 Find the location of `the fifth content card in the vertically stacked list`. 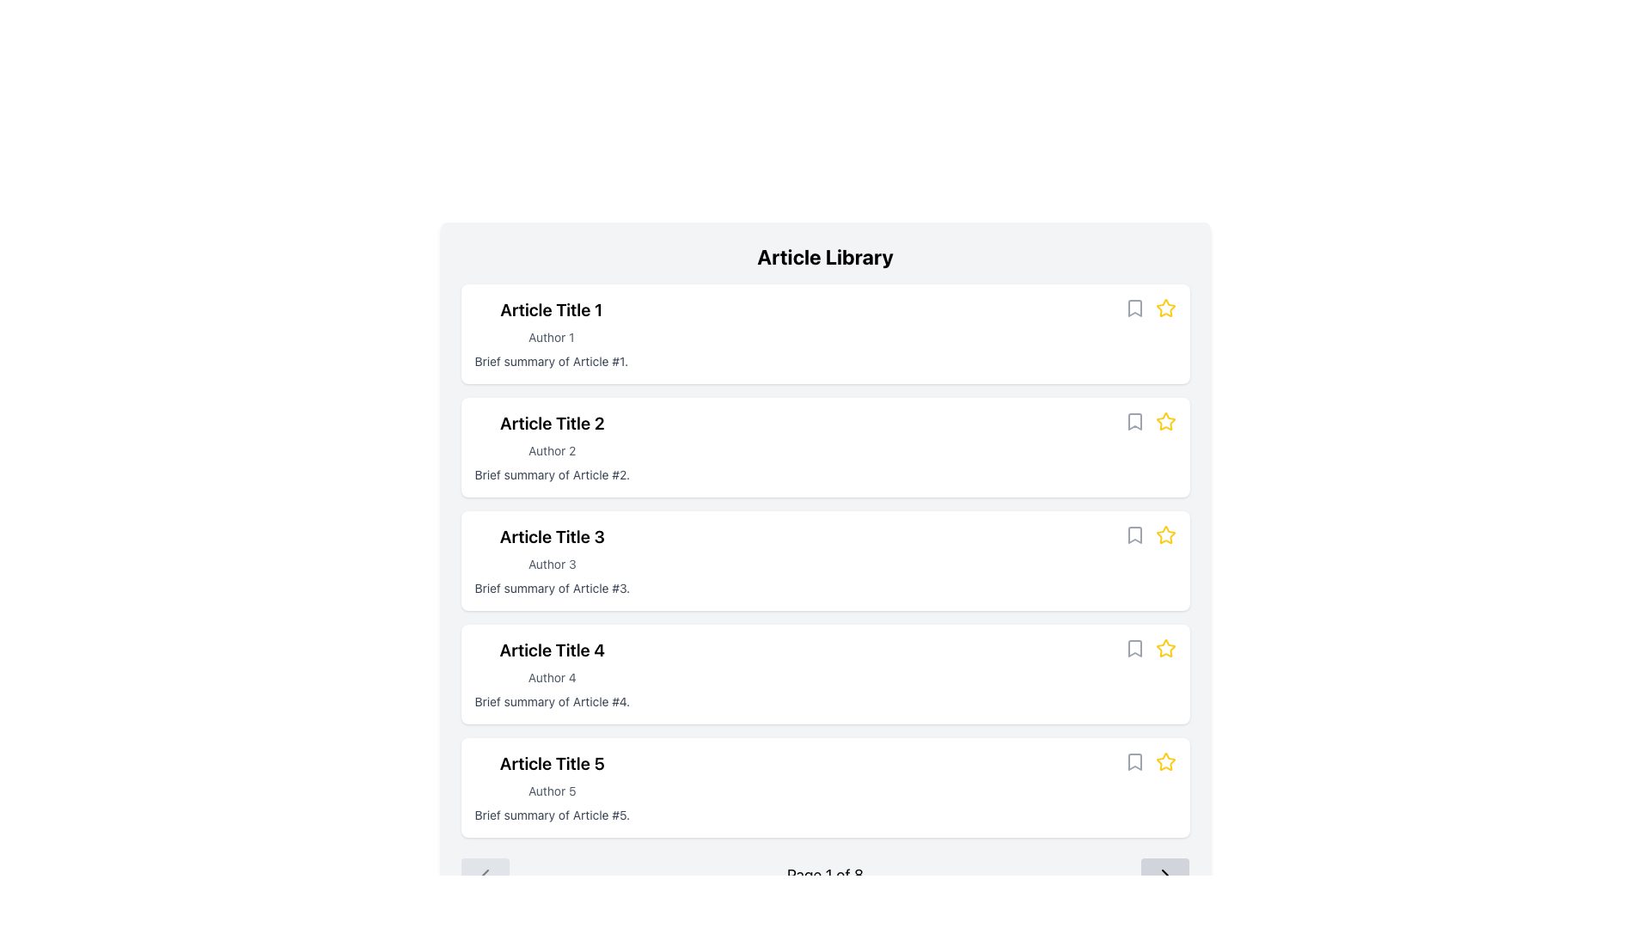

the fifth content card in the vertically stacked list is located at coordinates (825, 788).